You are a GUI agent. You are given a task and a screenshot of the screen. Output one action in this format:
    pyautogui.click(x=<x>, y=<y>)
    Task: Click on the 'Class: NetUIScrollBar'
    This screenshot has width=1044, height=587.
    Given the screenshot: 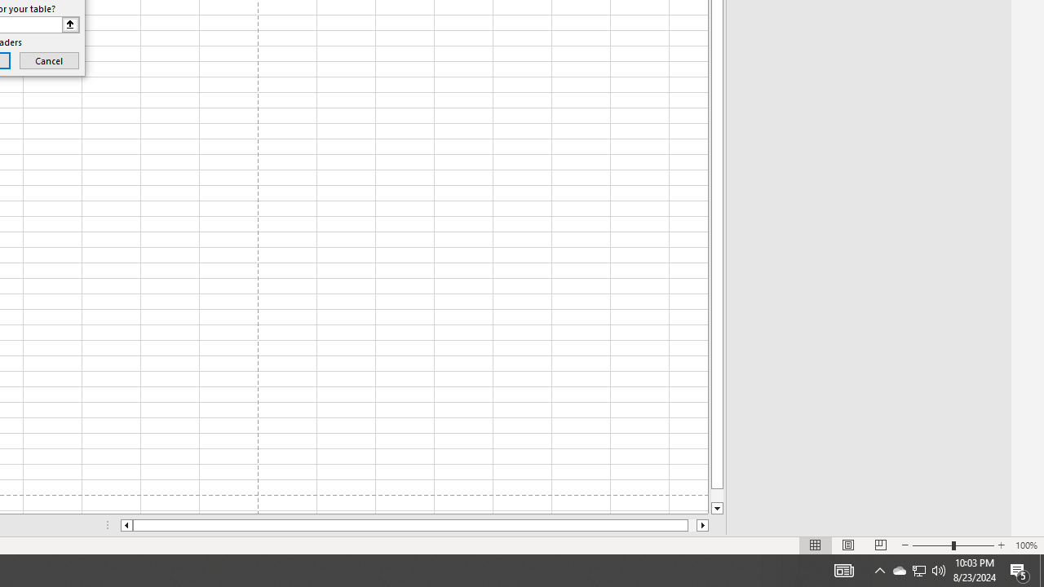 What is the action you would take?
    pyautogui.click(x=414, y=525)
    